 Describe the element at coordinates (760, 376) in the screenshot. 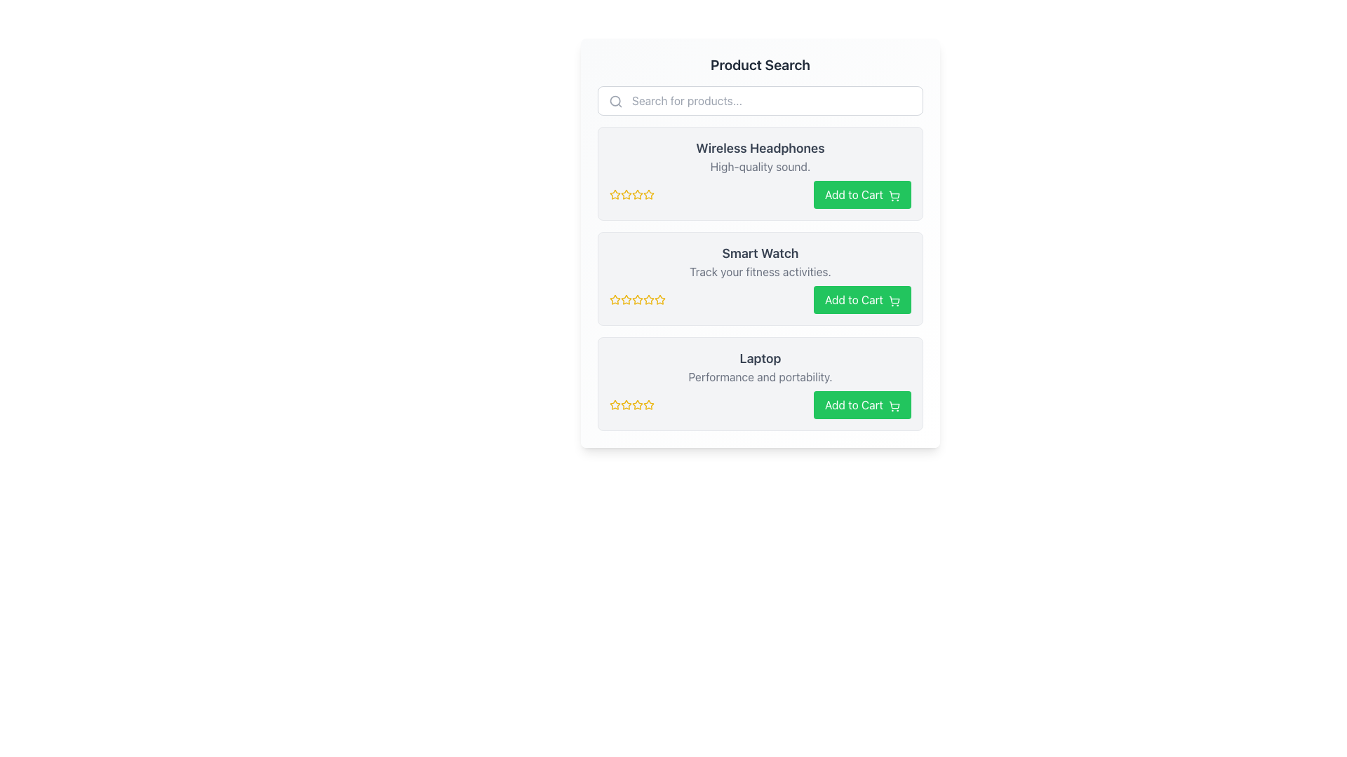

I see `the text label that describes the product 'Laptop', which is located below the title and above the rating stars and 'Add to Cart' button` at that location.